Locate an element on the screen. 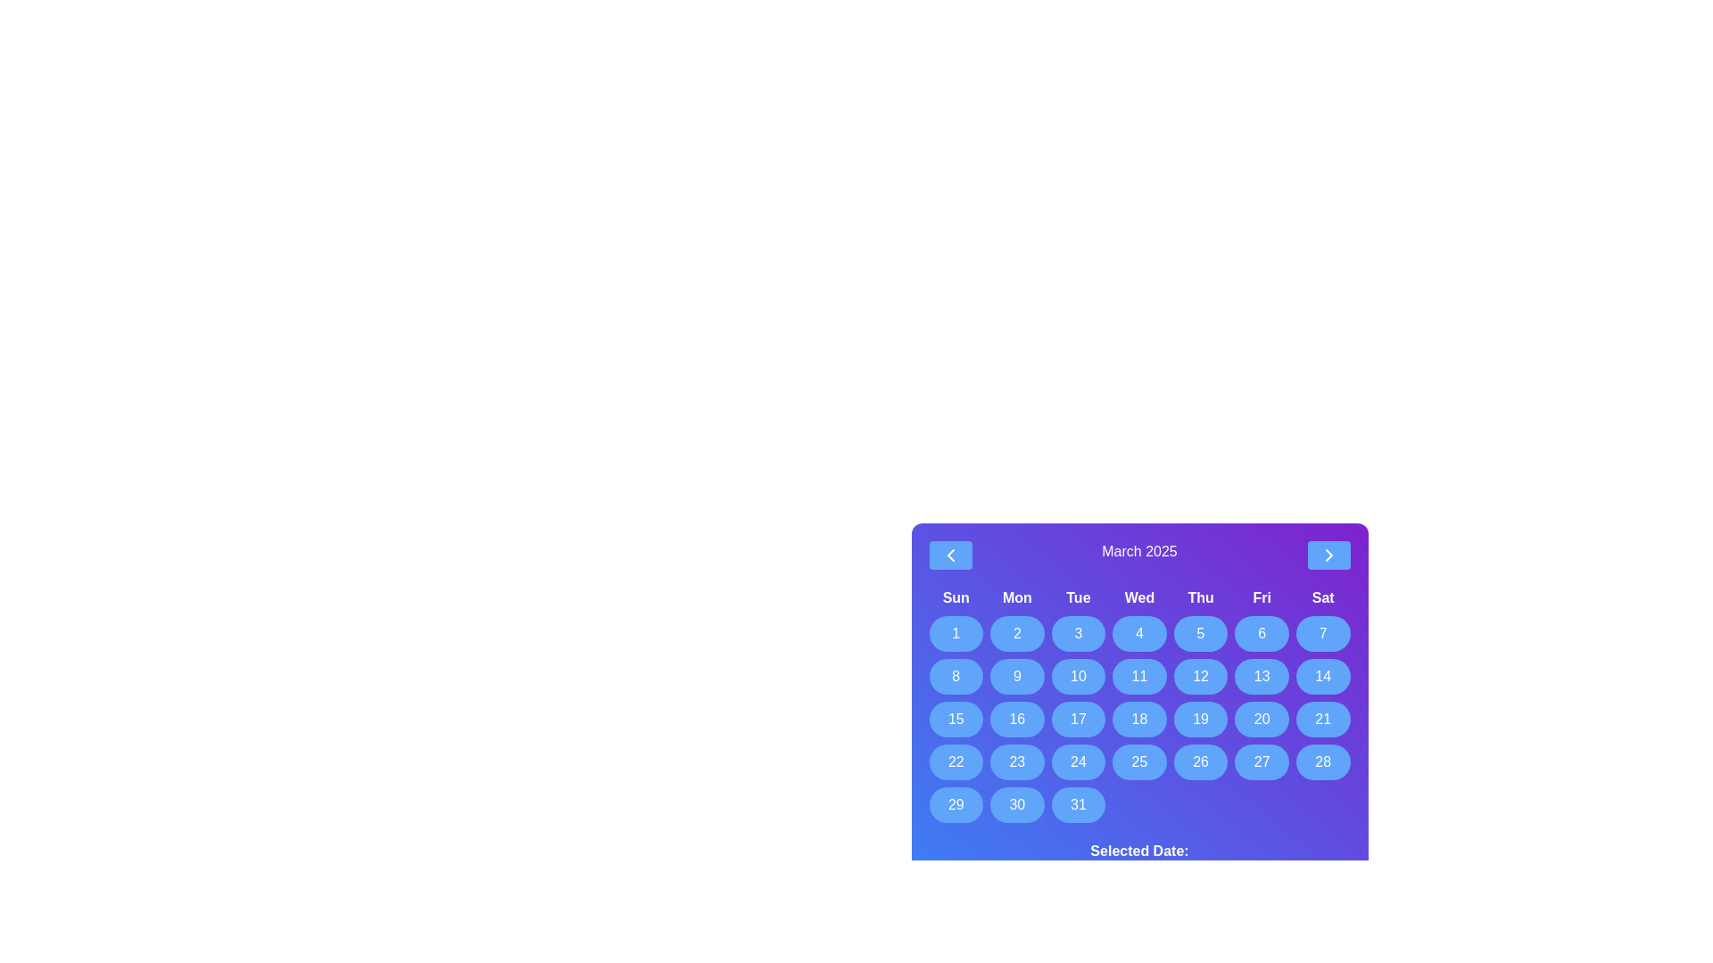 This screenshot has height=963, width=1713. the circular button with a blue background and white text displaying '30' is located at coordinates (1017, 804).